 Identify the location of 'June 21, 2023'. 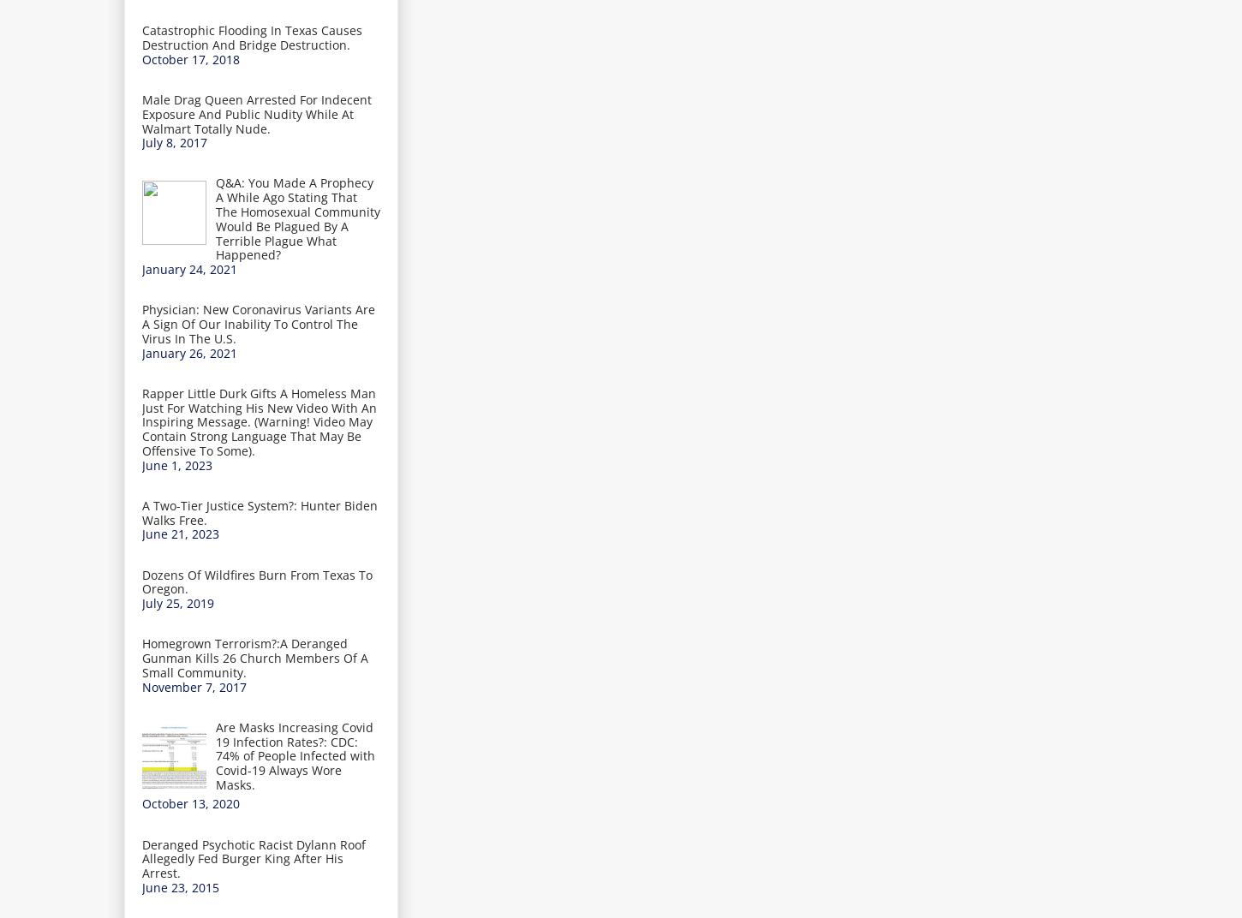
(179, 534).